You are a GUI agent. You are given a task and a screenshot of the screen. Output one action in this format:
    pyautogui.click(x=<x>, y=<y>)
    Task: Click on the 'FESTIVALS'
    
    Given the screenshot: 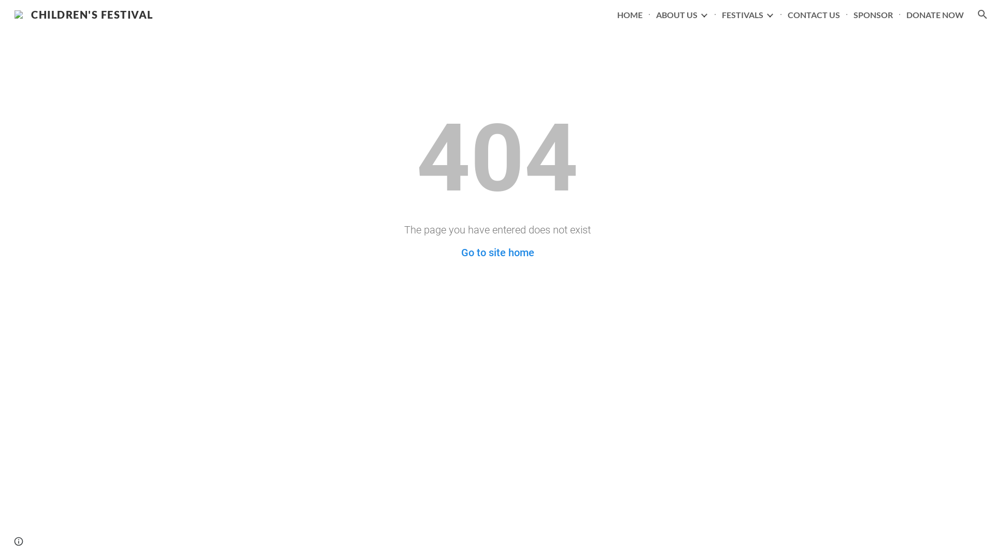 What is the action you would take?
    pyautogui.click(x=742, y=14)
    